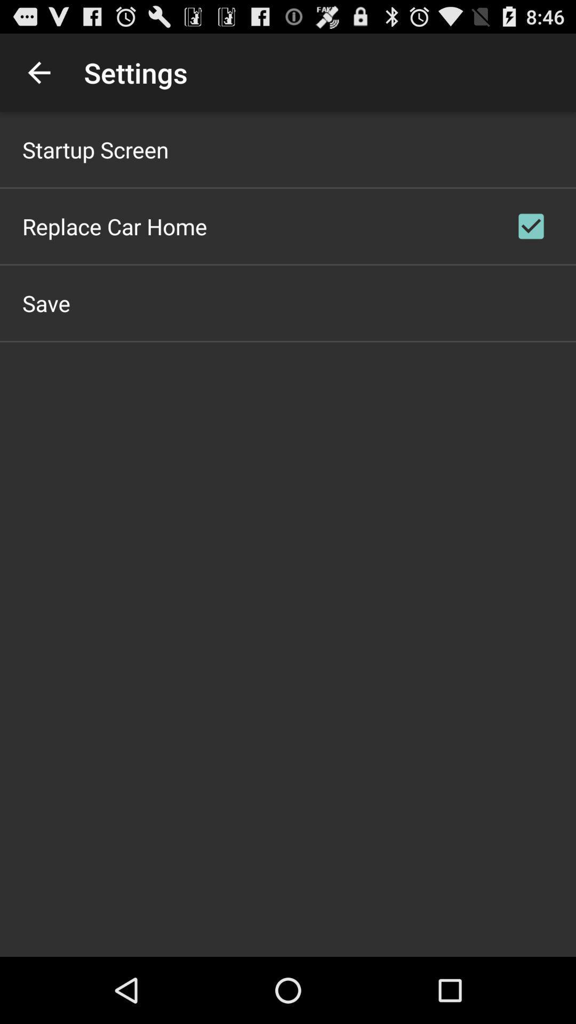 Image resolution: width=576 pixels, height=1024 pixels. What do you see at coordinates (46, 302) in the screenshot?
I see `the save` at bounding box center [46, 302].